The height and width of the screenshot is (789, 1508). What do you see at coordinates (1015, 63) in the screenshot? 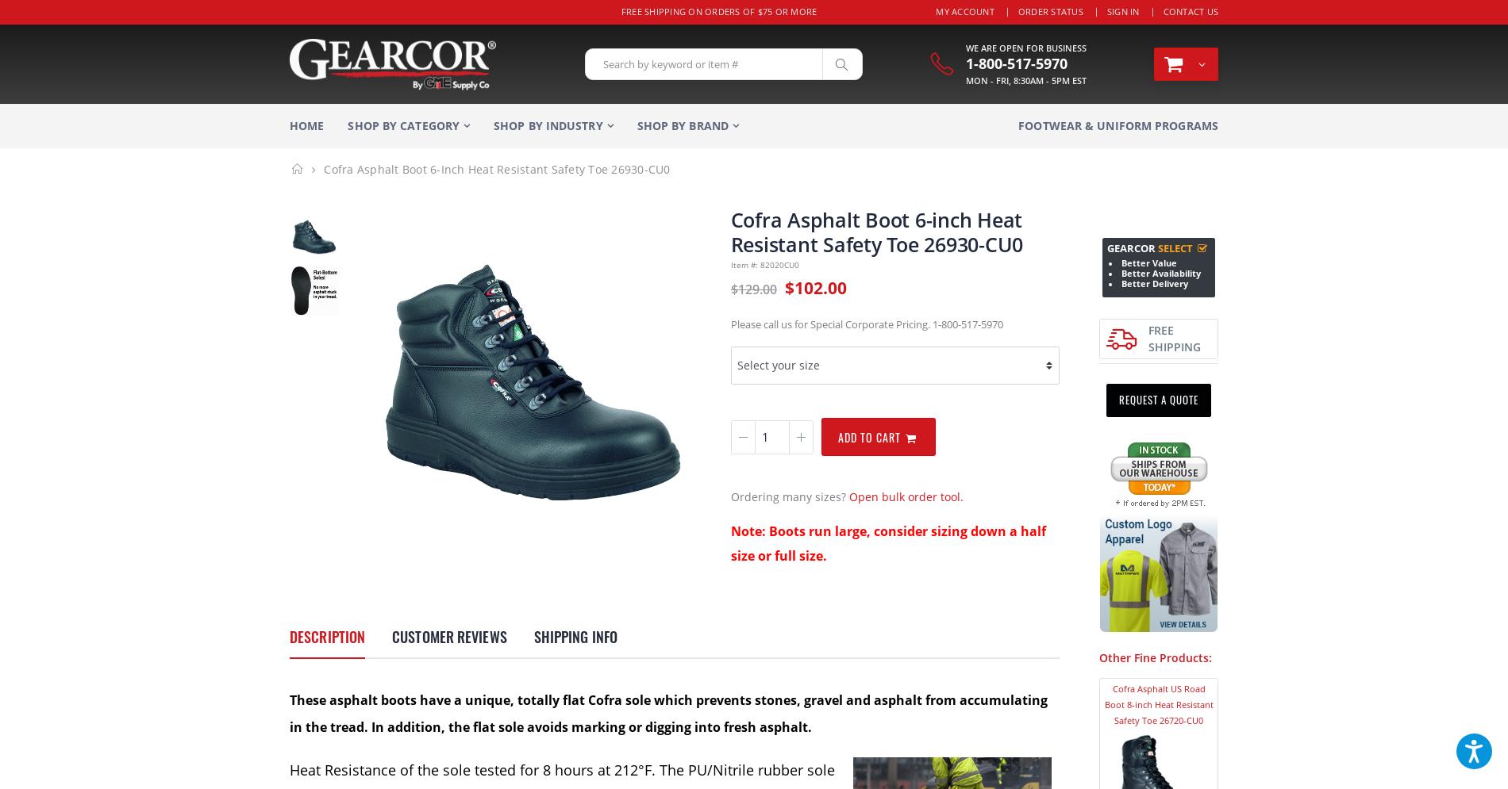
I see `'1-800-517-5970'` at bounding box center [1015, 63].